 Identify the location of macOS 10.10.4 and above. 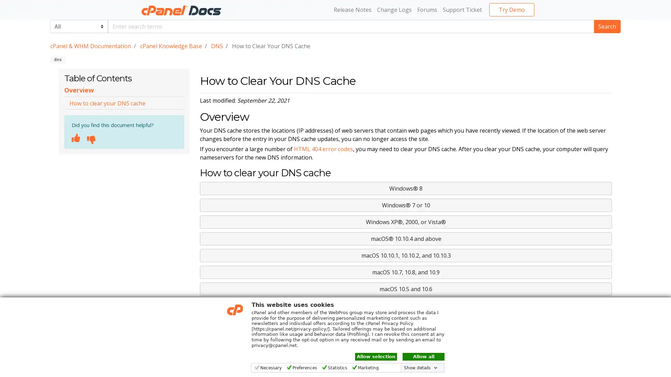
(406, 238).